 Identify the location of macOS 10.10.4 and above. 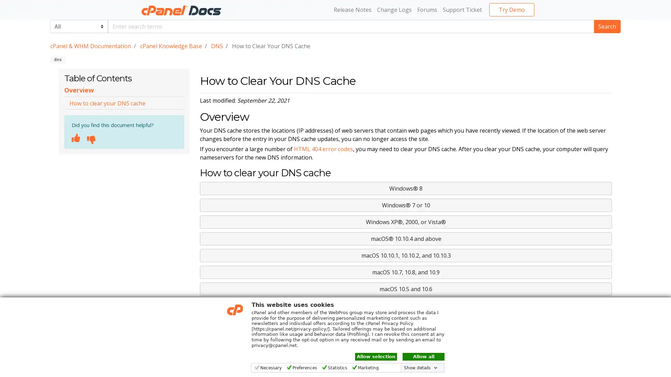
(406, 238).